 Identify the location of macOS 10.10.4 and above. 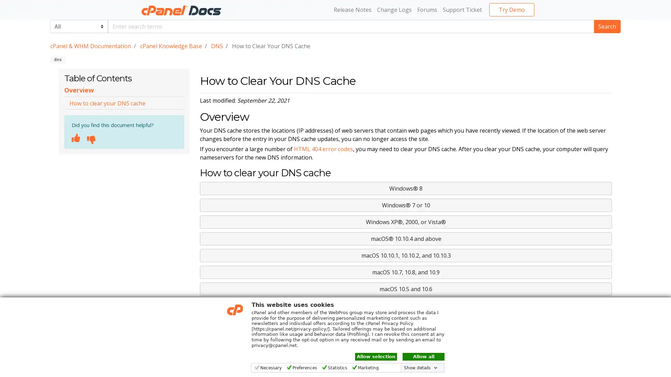
(406, 238).